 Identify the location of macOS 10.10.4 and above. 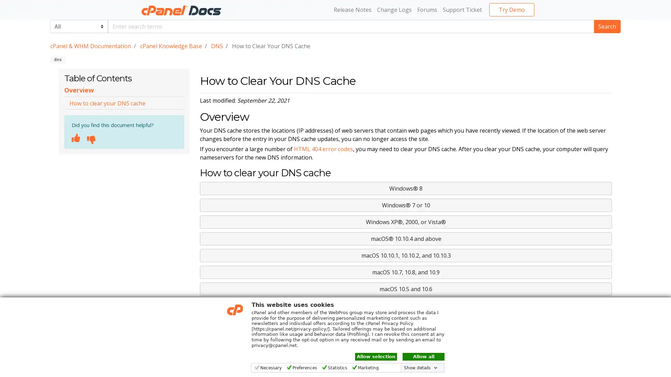
(406, 238).